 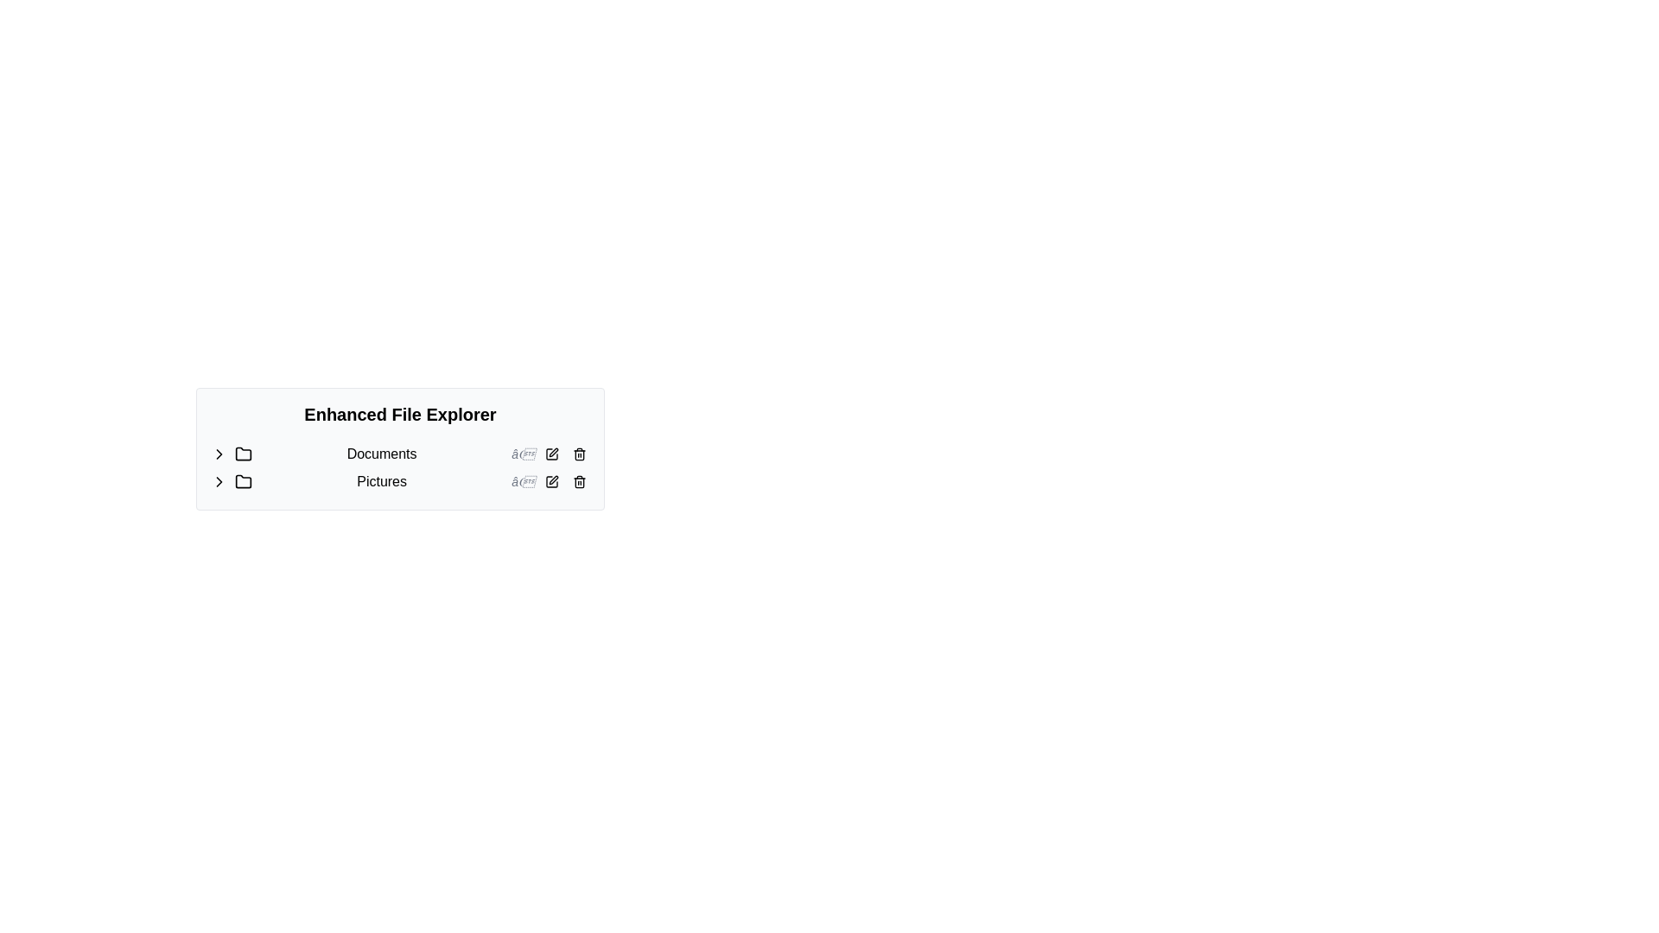 I want to click on the folder icon located next to the 'Documents' label in the file explorer interface to inspect it, so click(x=243, y=453).